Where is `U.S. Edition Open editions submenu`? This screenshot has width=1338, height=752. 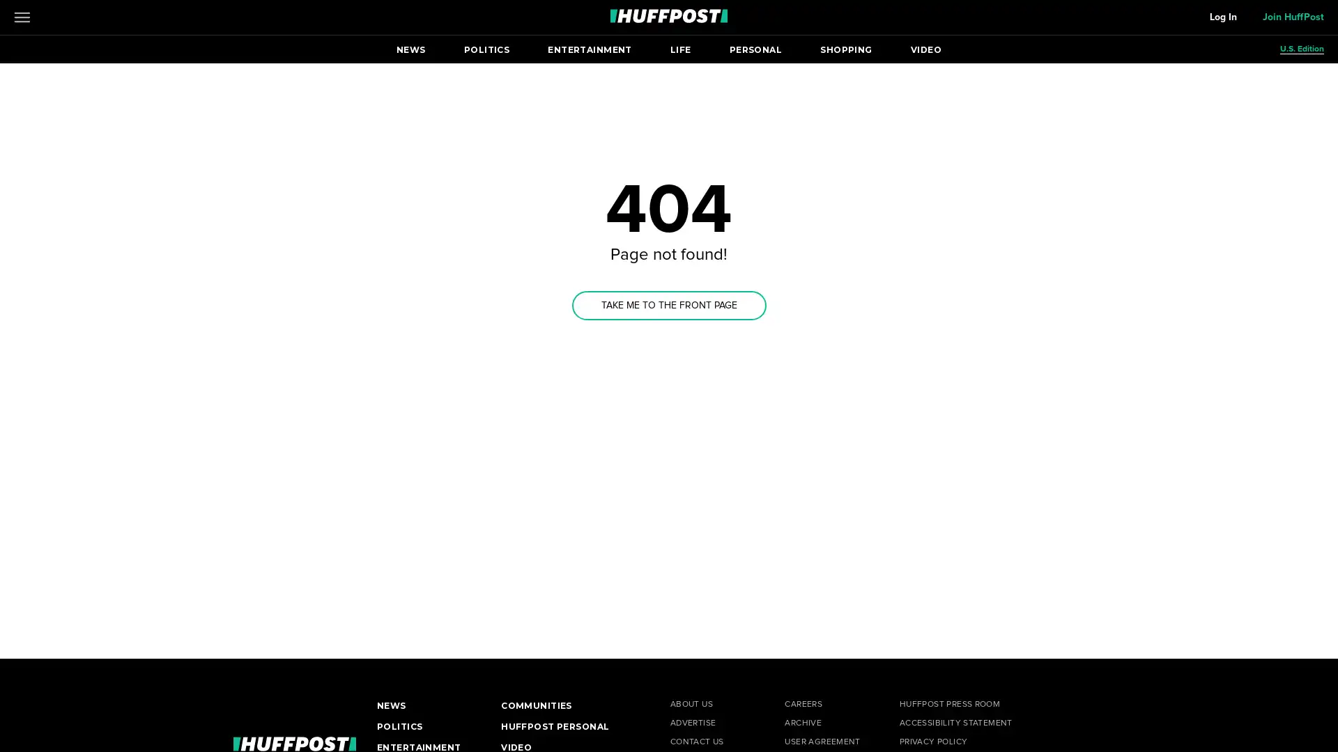 U.S. Edition Open editions submenu is located at coordinates (1301, 49).